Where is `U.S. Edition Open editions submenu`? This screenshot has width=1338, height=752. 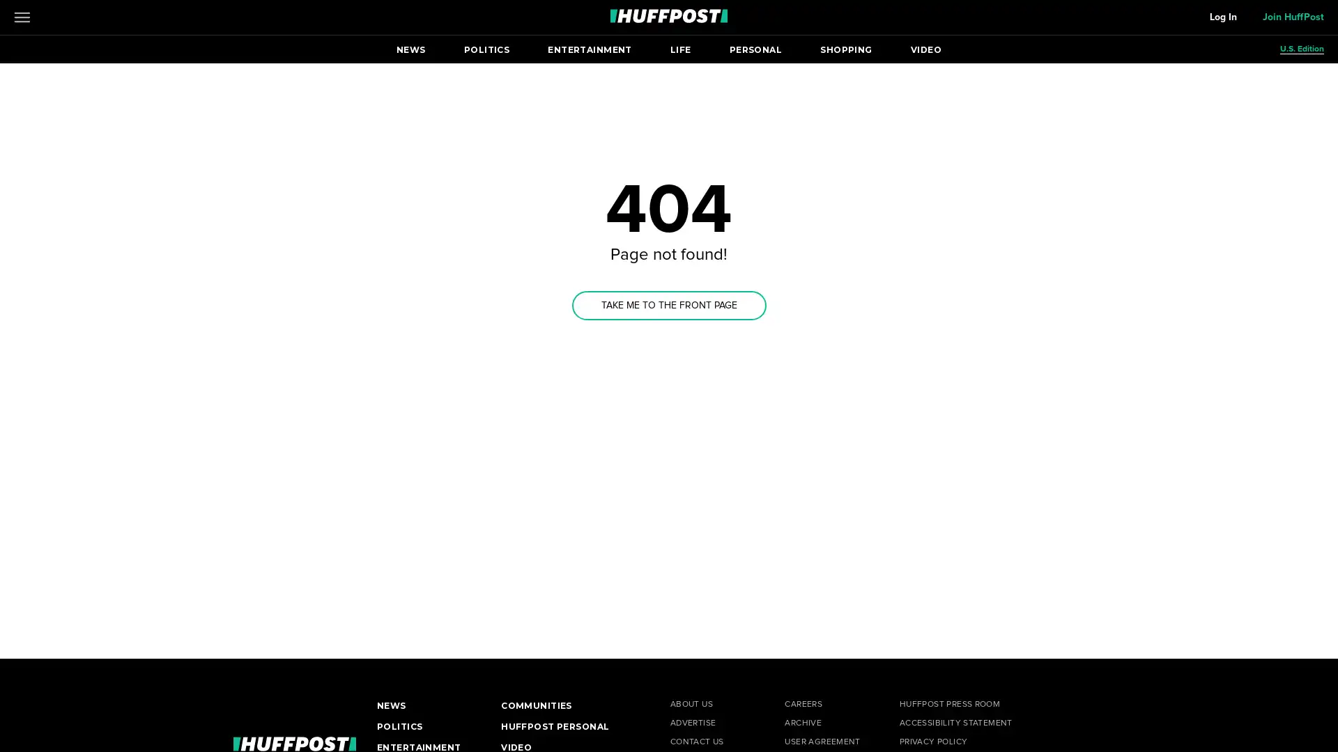 U.S. Edition Open editions submenu is located at coordinates (1301, 49).